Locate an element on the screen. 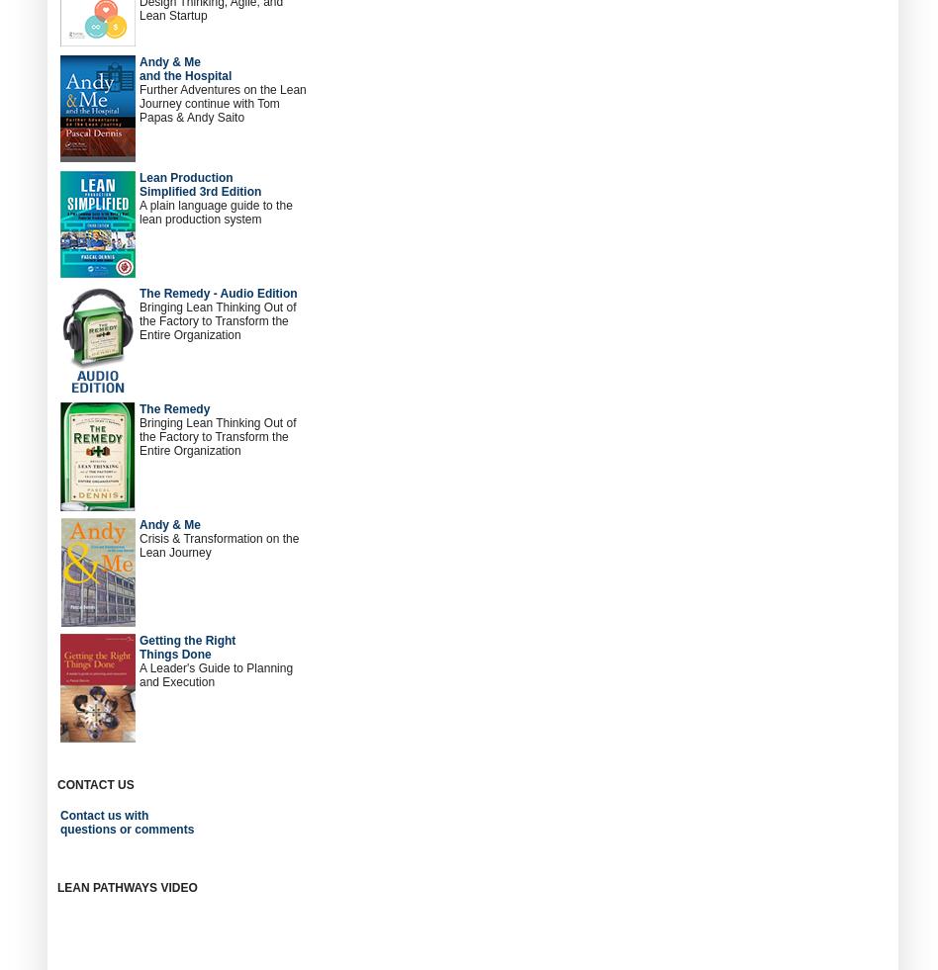  'Crisis & Transformation on the Lean Journey' is located at coordinates (218, 546).